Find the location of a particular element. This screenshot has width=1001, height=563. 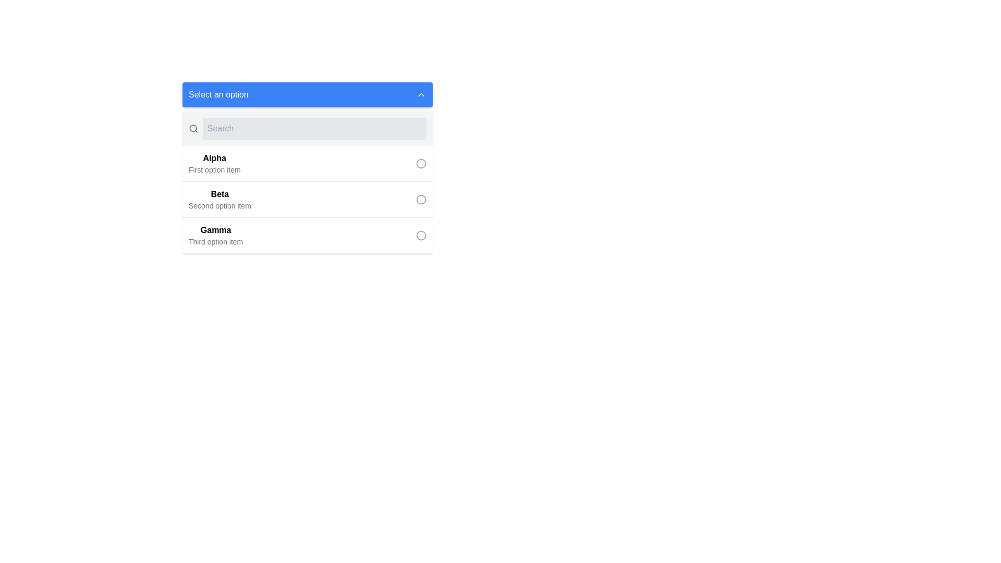

the SVG Circle Indicator located in the second row of the dropdown options, to the right of the label 'Beta' is located at coordinates (421, 199).